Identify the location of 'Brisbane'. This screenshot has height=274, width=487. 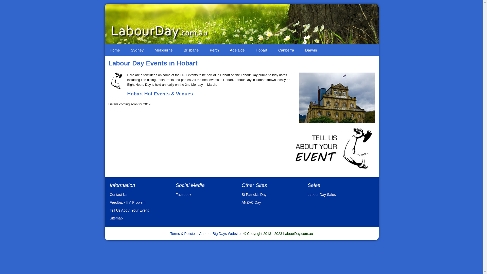
(191, 50).